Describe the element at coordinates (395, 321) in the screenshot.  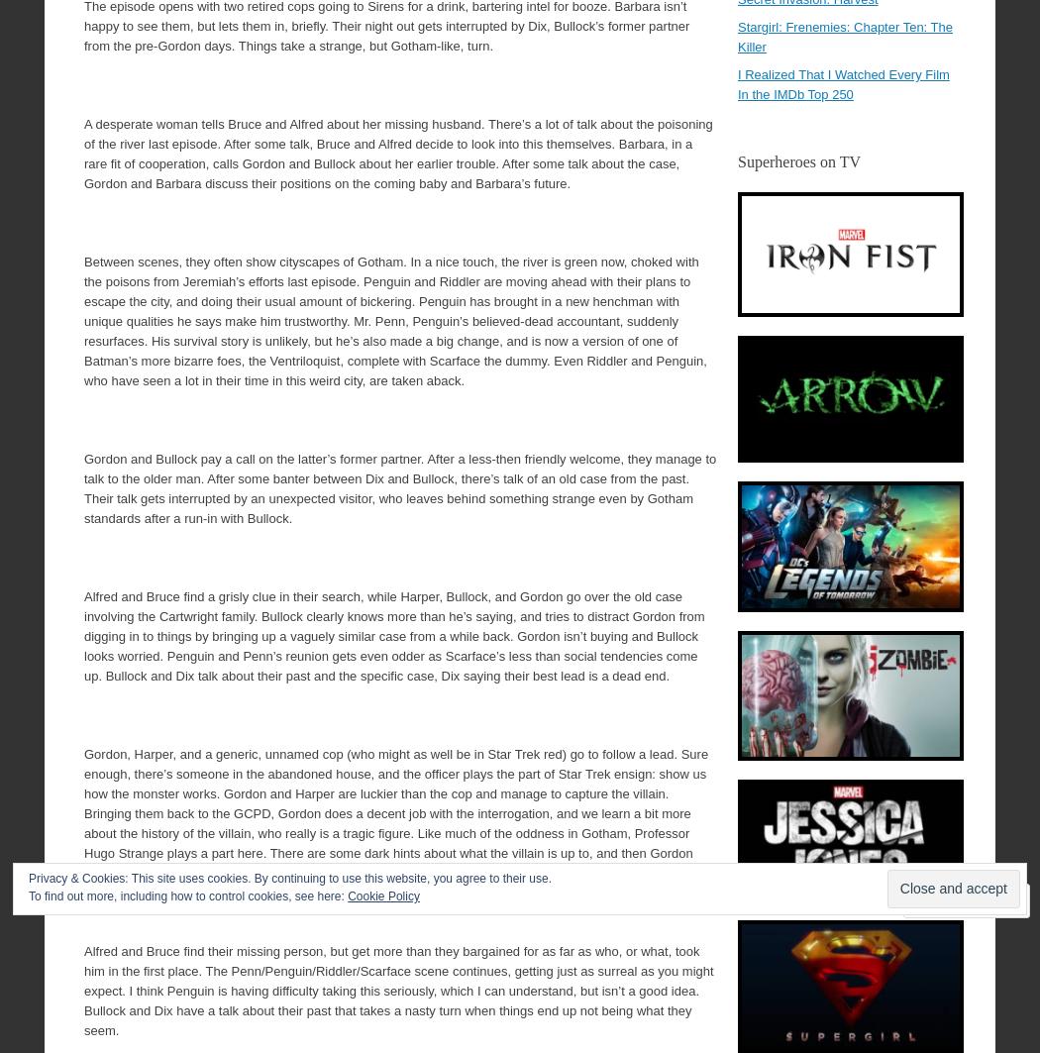
I see `'Between scenes, they often show cityscapes of Gotham. In a nice touch, the river is green now, choked with the poisons from Jeremiah’s efforts last episode. Penguin and Riddler are moving ahead with their plans to escape the city, and doing their usual amount of bickering. Penguin has brought in a new henchman with unique qualities he says make him trustworthy. Mr. Penn, Penguin’s believed-dead accountant, suddenly resurfaces. His survival story is unlikely, but he’s also made a big change, and is now a version of one of Batman’s more bizarre foes, the Ventriloquist, complete with Scarface the dummy. Even Riddler and Penguin, who have seen a lot in their time in this weird city, are taken aback.'` at that location.